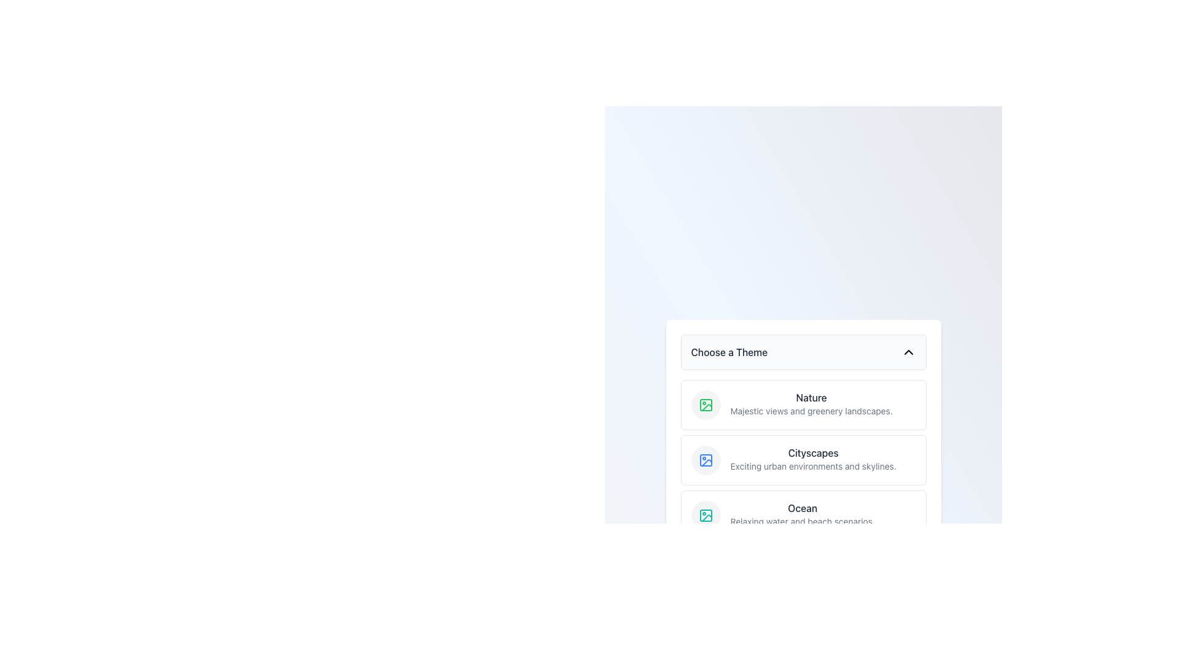 Image resolution: width=1179 pixels, height=663 pixels. What do you see at coordinates (793, 460) in the screenshot?
I see `the selectable list item with the title 'Cityscapes' and its description` at bounding box center [793, 460].